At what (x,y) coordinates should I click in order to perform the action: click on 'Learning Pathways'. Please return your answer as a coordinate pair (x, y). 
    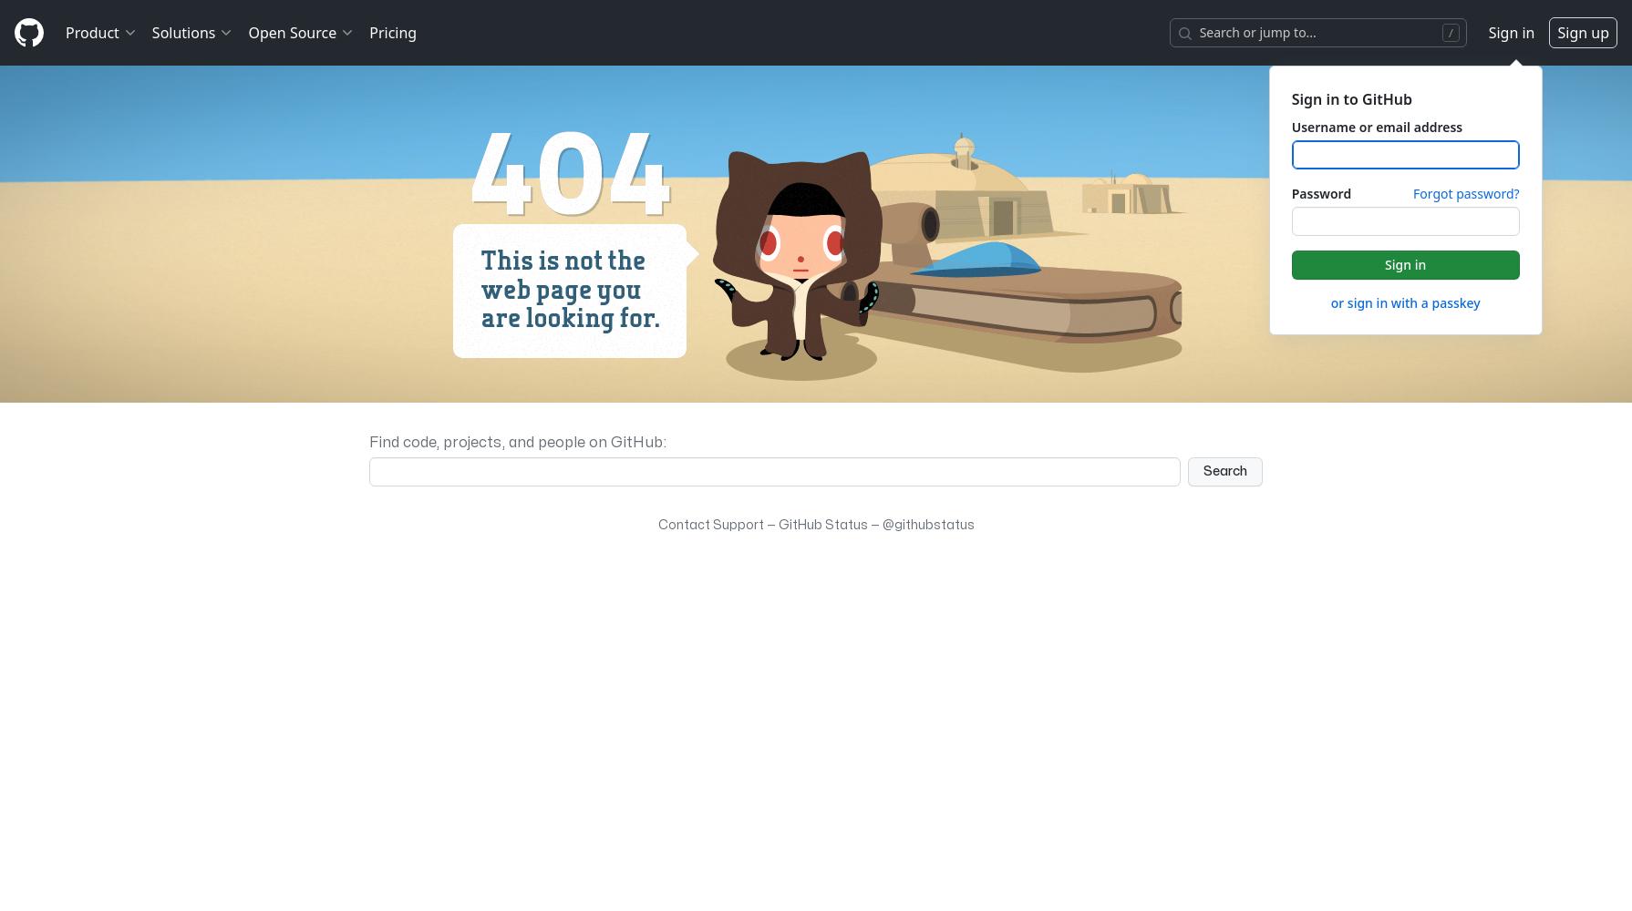
    Looking at the image, I should click on (211, 427).